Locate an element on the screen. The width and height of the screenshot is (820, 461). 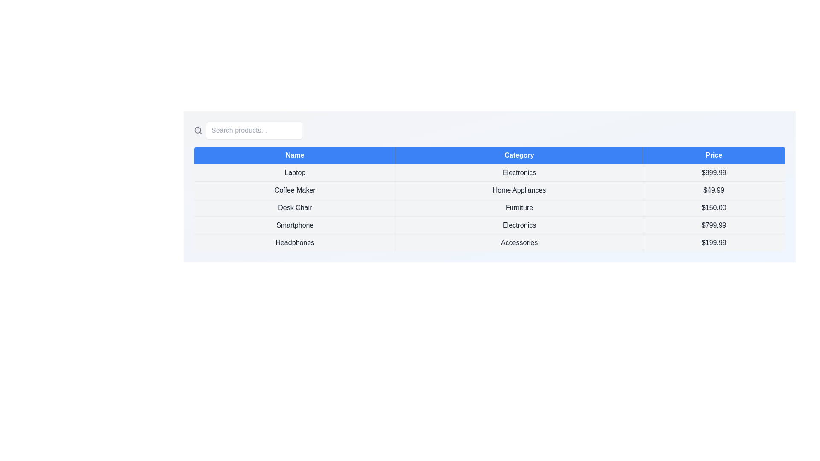
the Text block in the second column of the first data row under the 'Category' header in the table, which represents the product category, flanked by 'Laptop' and '$999.99' is located at coordinates (519, 173).